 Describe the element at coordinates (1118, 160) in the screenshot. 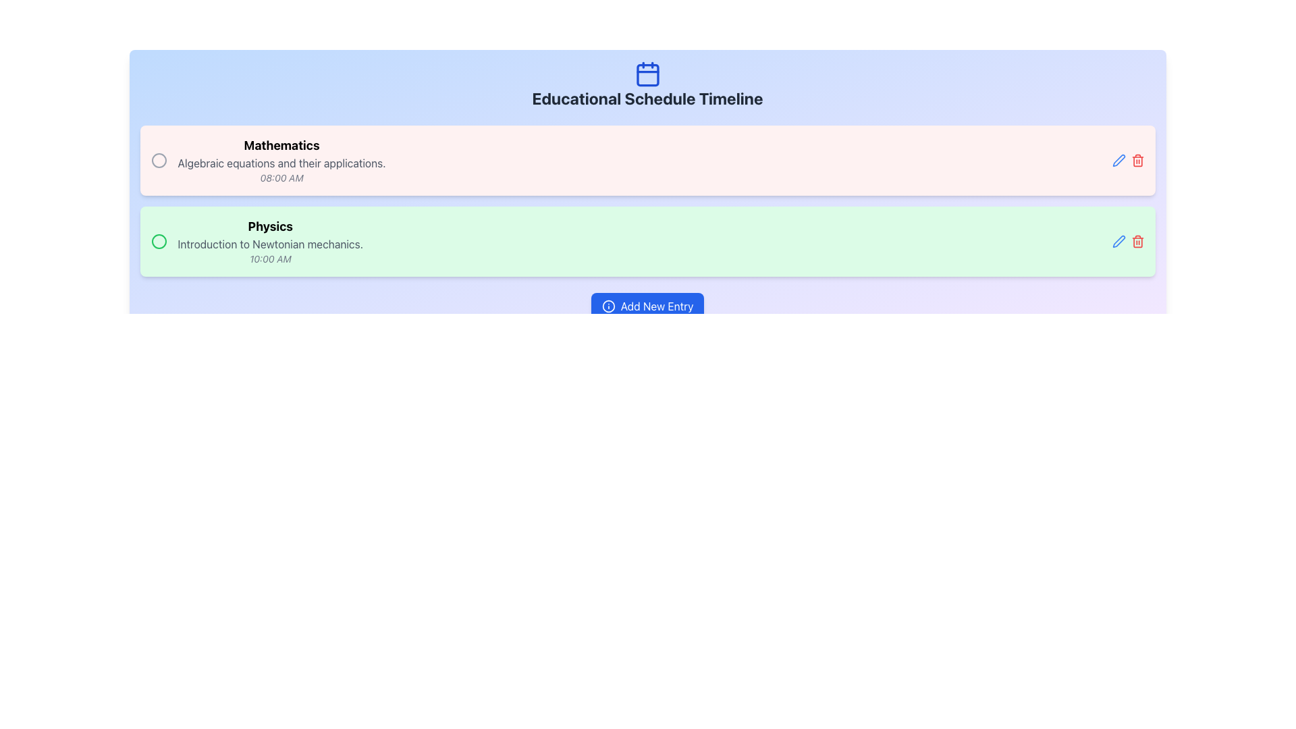

I see `the edit icon button located in the green section labeled 'Physics'` at that location.